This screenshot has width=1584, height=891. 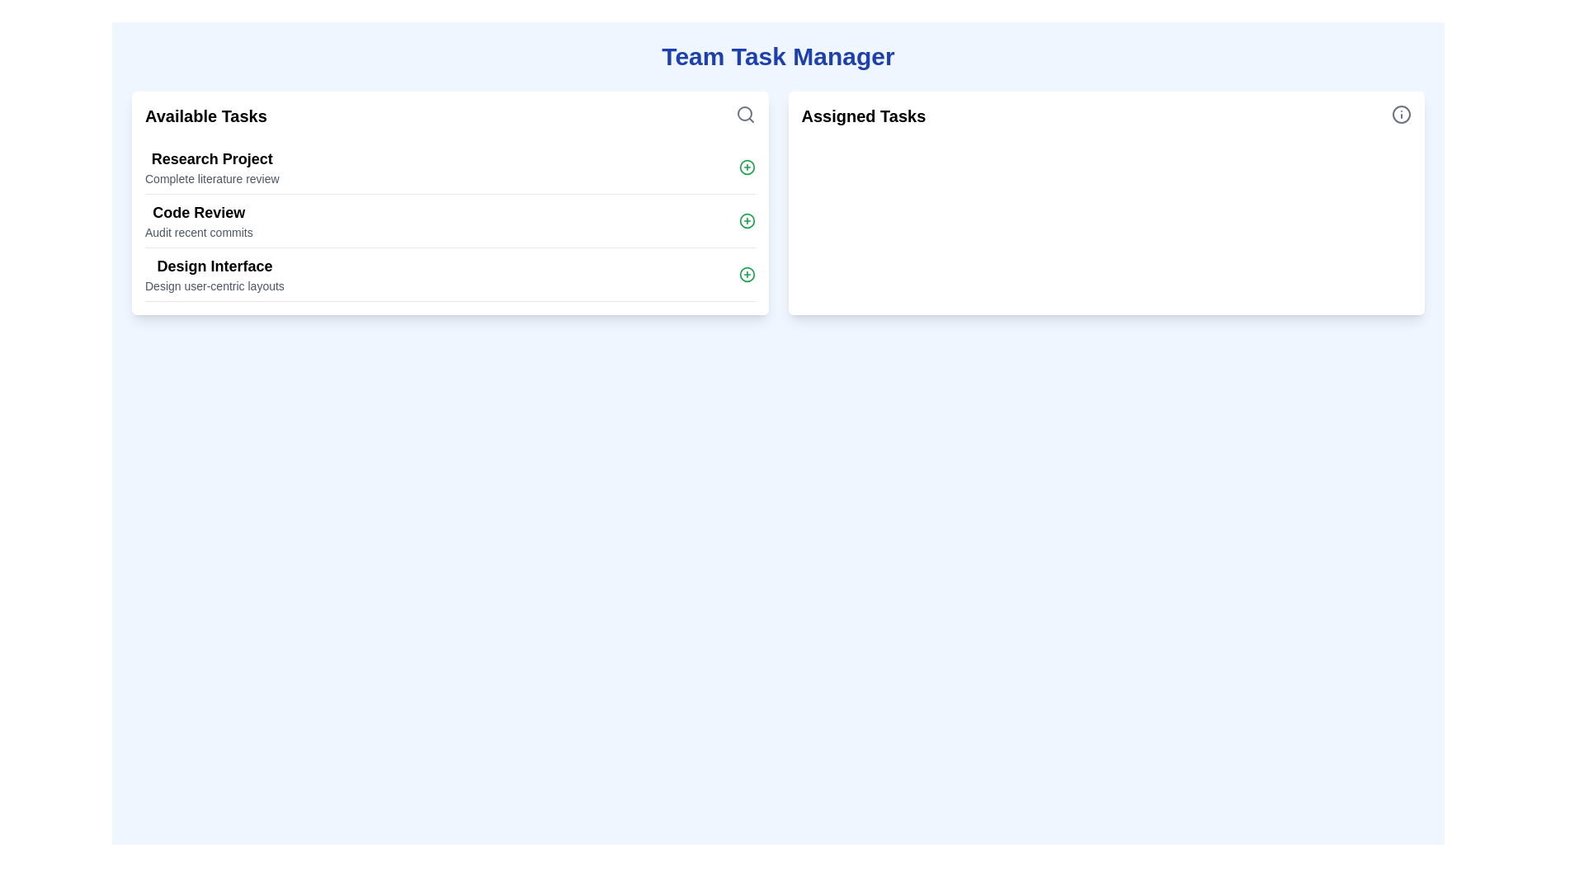 What do you see at coordinates (1401, 113) in the screenshot?
I see `the circular outline in the upper-right corner of the 'Assigned Tasks' panel, which serves as the background for an information icon` at bounding box center [1401, 113].